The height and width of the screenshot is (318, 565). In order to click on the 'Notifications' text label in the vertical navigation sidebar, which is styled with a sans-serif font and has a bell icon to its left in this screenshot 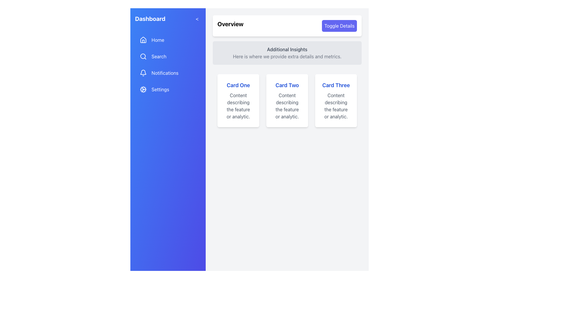, I will do `click(165, 72)`.